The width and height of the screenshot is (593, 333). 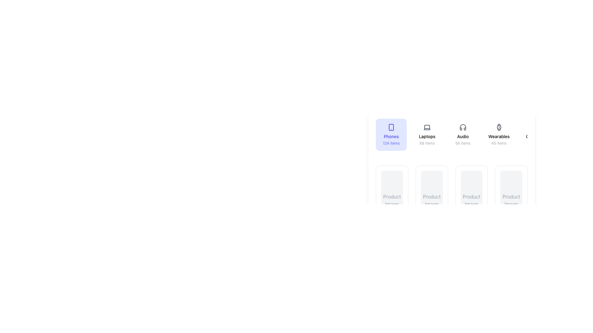 What do you see at coordinates (471, 200) in the screenshot?
I see `the product image placeholder located at the top center of the fourth card` at bounding box center [471, 200].